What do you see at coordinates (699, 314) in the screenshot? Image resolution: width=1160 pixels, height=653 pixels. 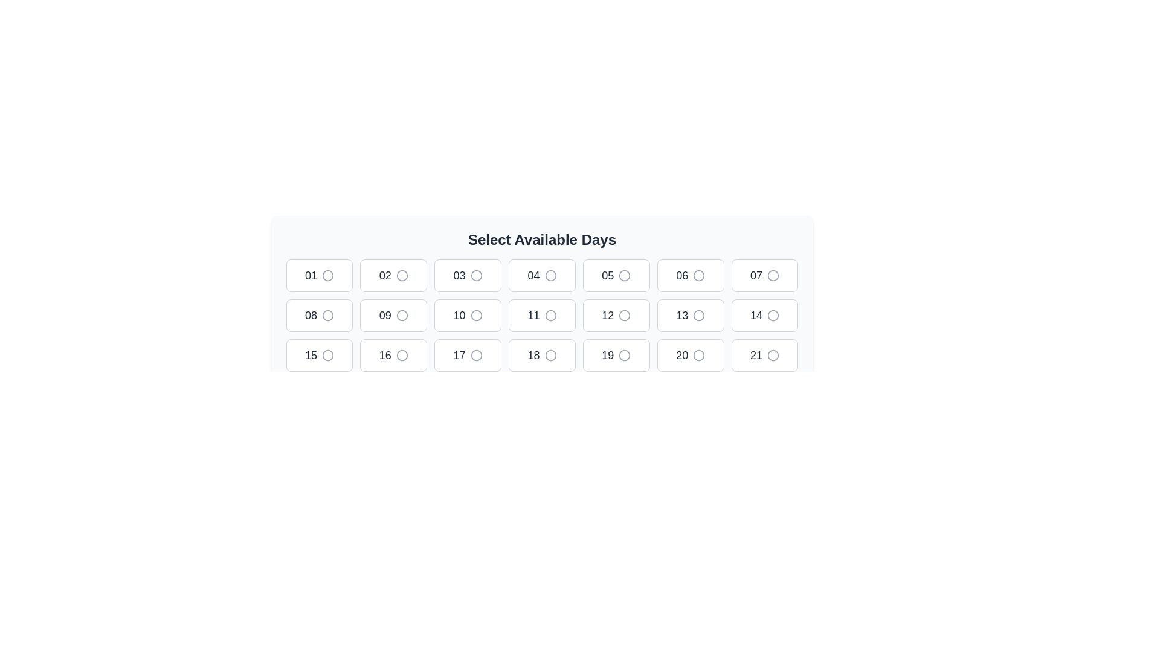 I see `the circular graphic with a gray border` at bounding box center [699, 314].